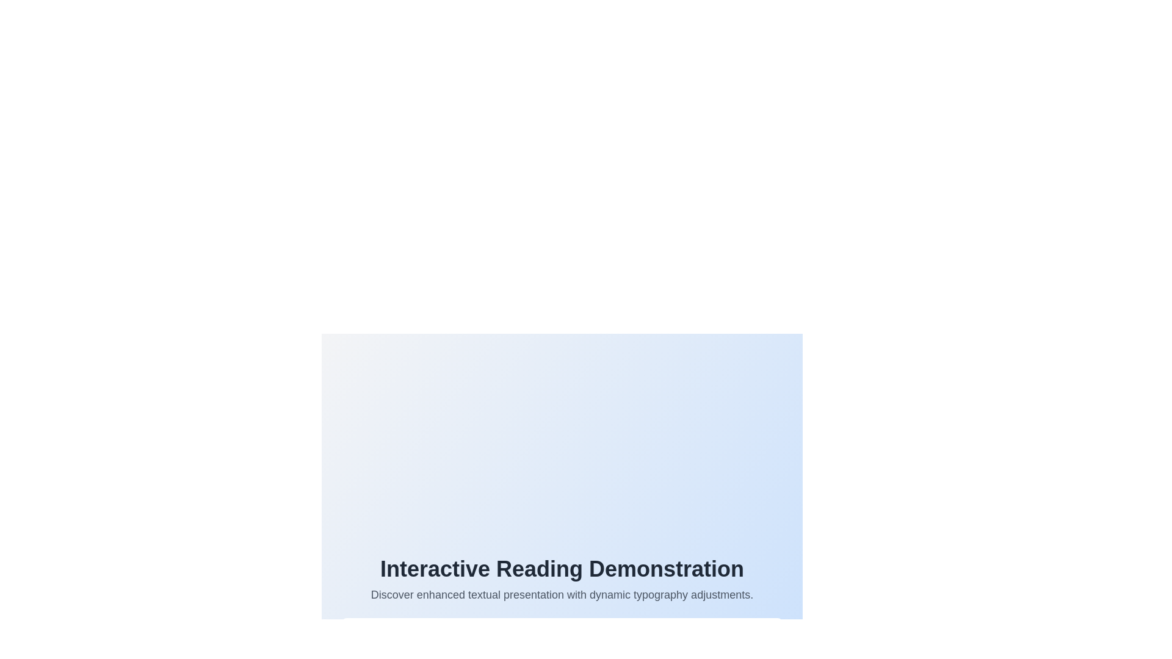 Image resolution: width=1172 pixels, height=659 pixels. Describe the element at coordinates (562, 580) in the screenshot. I see `the textual header 'Interactive Reading Demonstration'` at that location.